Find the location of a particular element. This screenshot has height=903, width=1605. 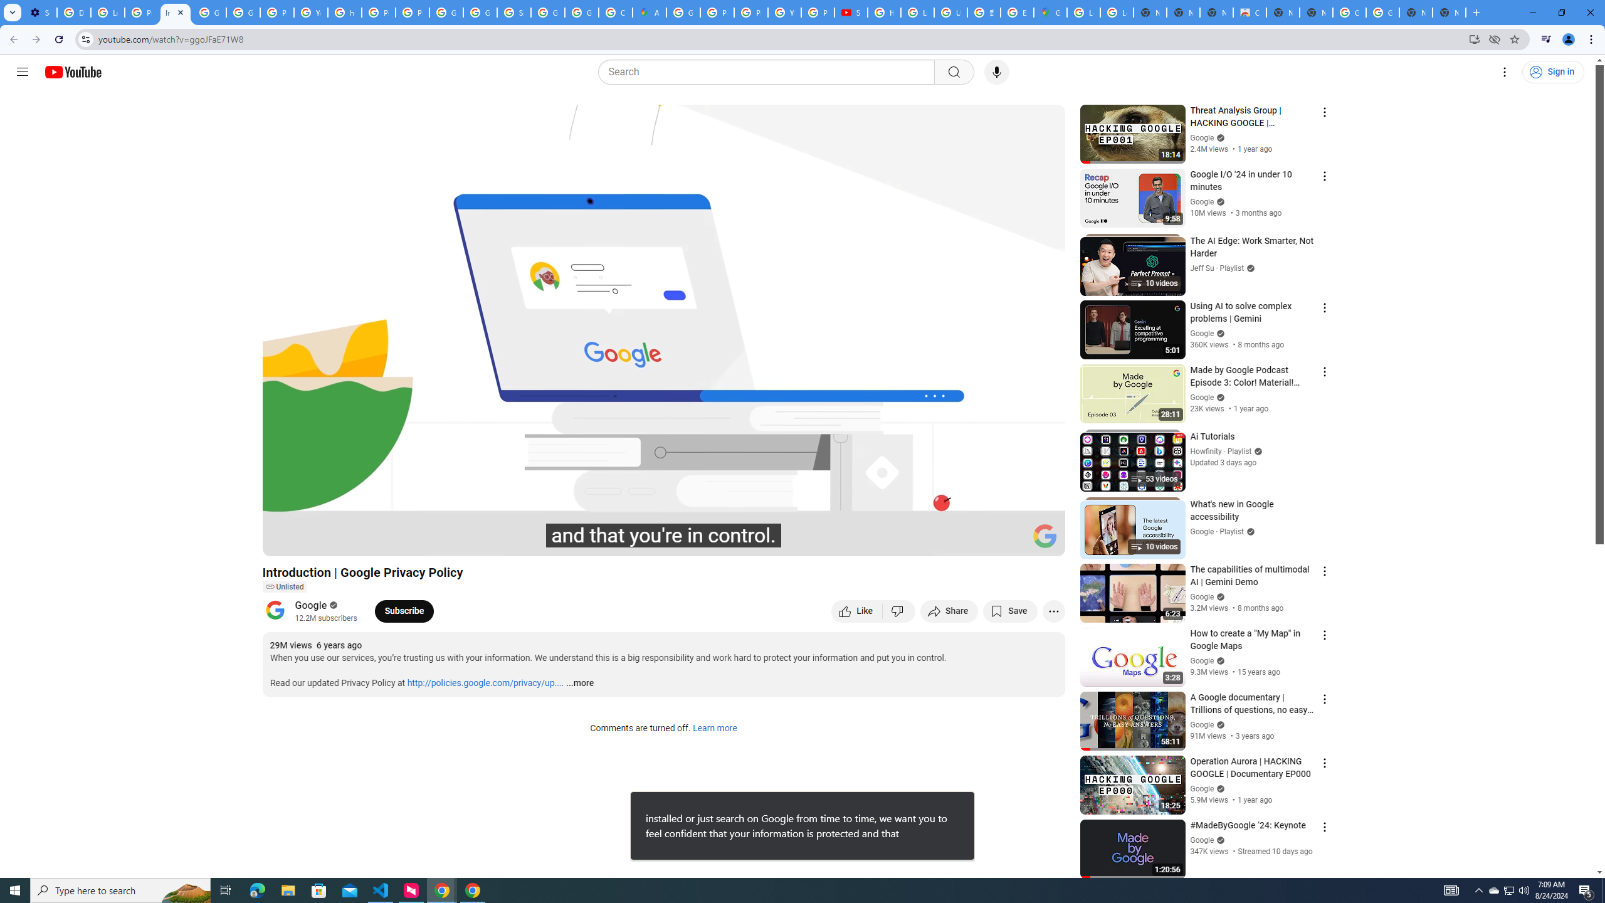

'http://policies.google.com/privacy/up...' is located at coordinates (485, 683).